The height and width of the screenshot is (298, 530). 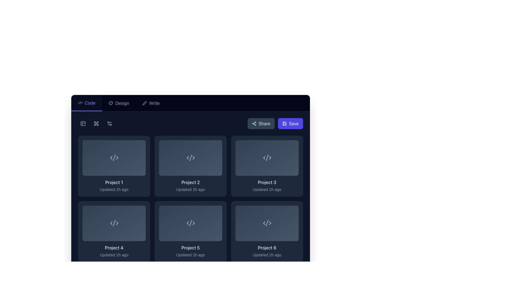 I want to click on the layered icon composed of three stylized, overlapping geometric shapes with a stroke style and gray color, located in the second row, first column of the grid layout, so click(x=144, y=206).